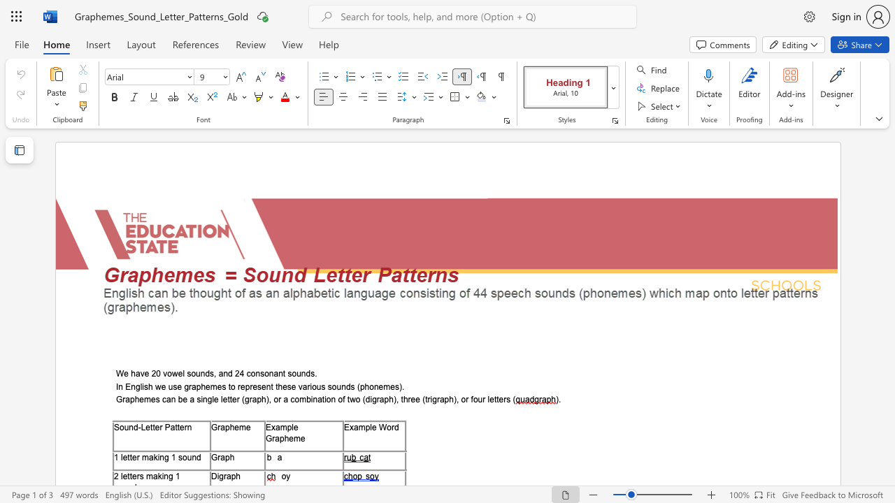 Image resolution: width=895 pixels, height=503 pixels. I want to click on the subset text "ample Graphem" within the text "Example Grapheme", so click(275, 426).